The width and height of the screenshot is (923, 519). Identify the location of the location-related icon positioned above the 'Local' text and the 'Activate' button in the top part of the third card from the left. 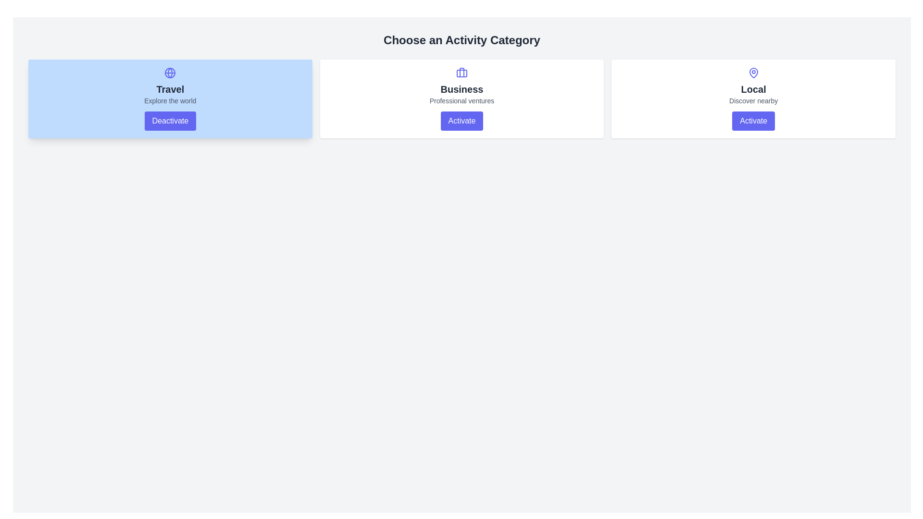
(753, 72).